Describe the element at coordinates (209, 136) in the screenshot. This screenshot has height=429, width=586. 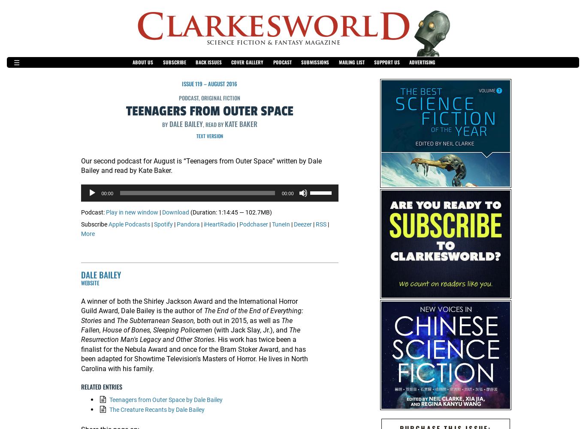
I see `'TEXT VERSION'` at that location.